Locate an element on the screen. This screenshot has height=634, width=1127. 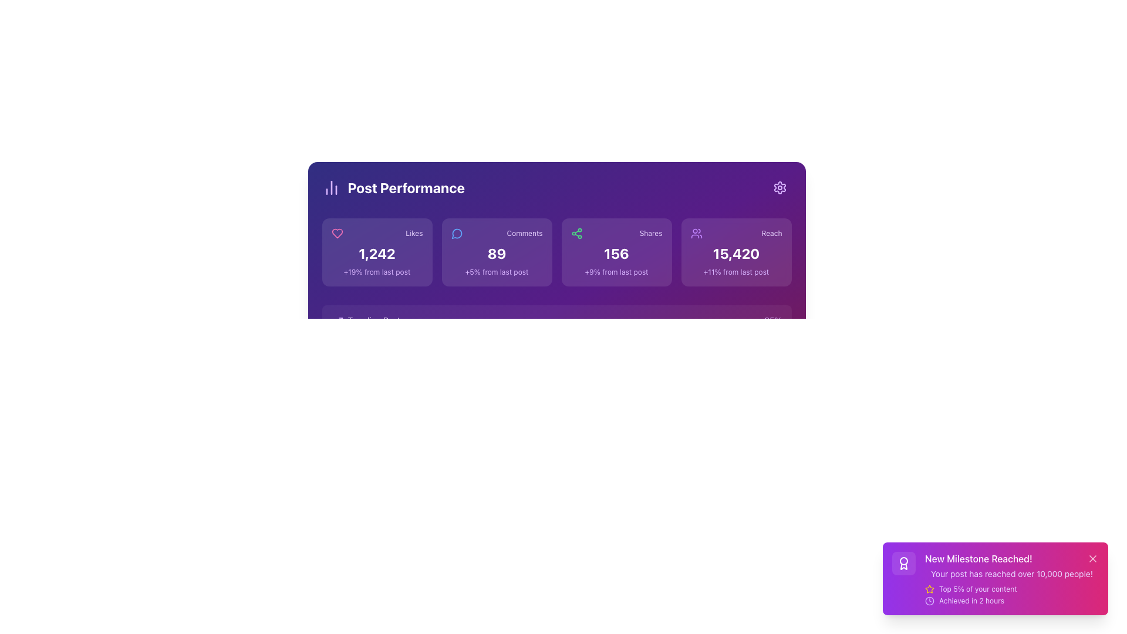
the close button ('X') on the top-right corner of the notification banner that indicates 'New Milestone Reached!' is located at coordinates (1092, 558).